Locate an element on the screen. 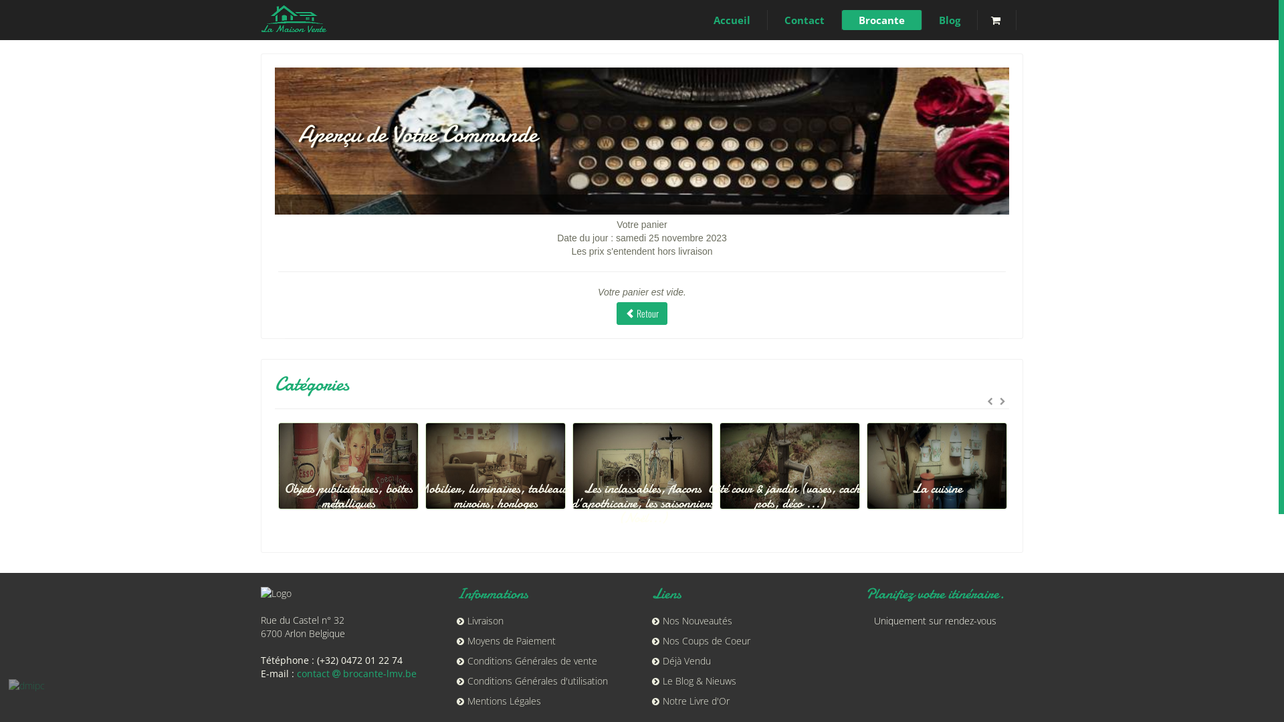 The width and height of the screenshot is (1284, 722). 'Brocante' is located at coordinates (882, 20).